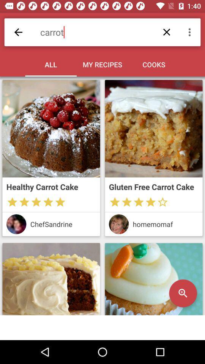  I want to click on open this user profile, so click(16, 224).